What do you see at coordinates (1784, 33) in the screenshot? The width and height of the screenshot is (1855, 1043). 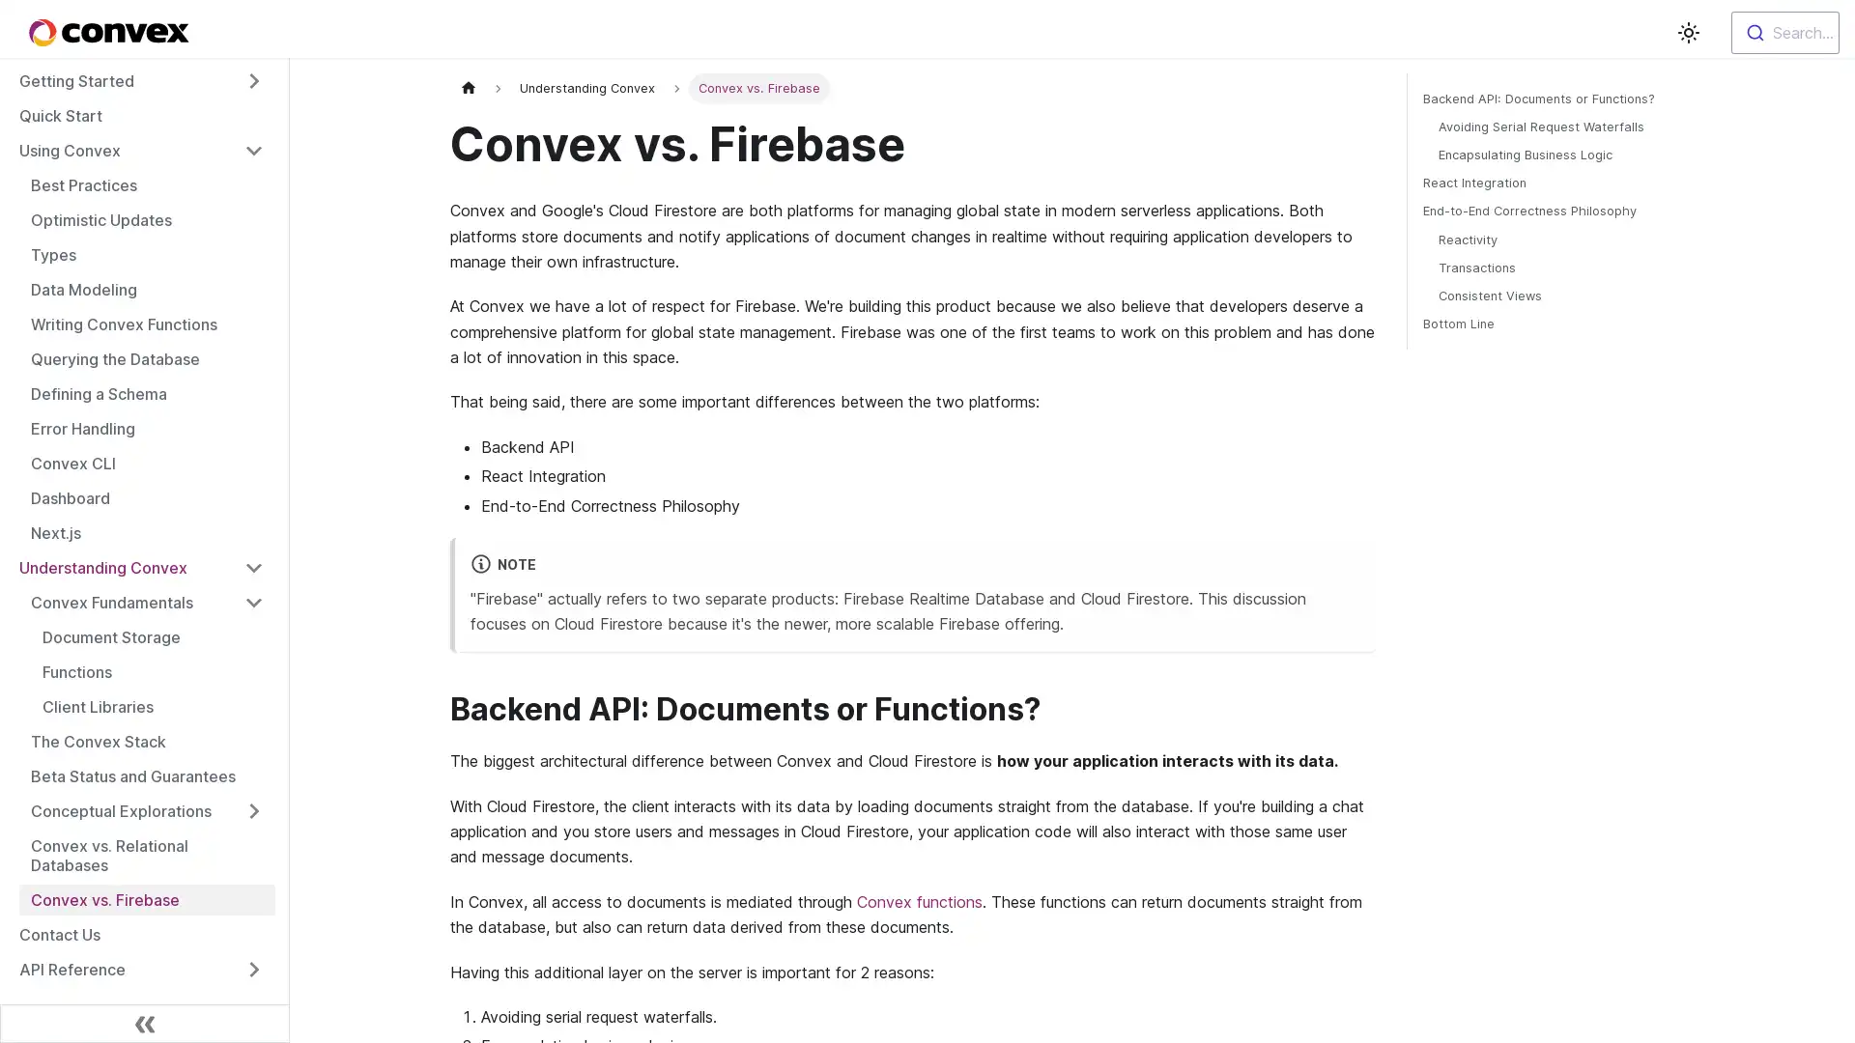 I see `Search...` at bounding box center [1784, 33].